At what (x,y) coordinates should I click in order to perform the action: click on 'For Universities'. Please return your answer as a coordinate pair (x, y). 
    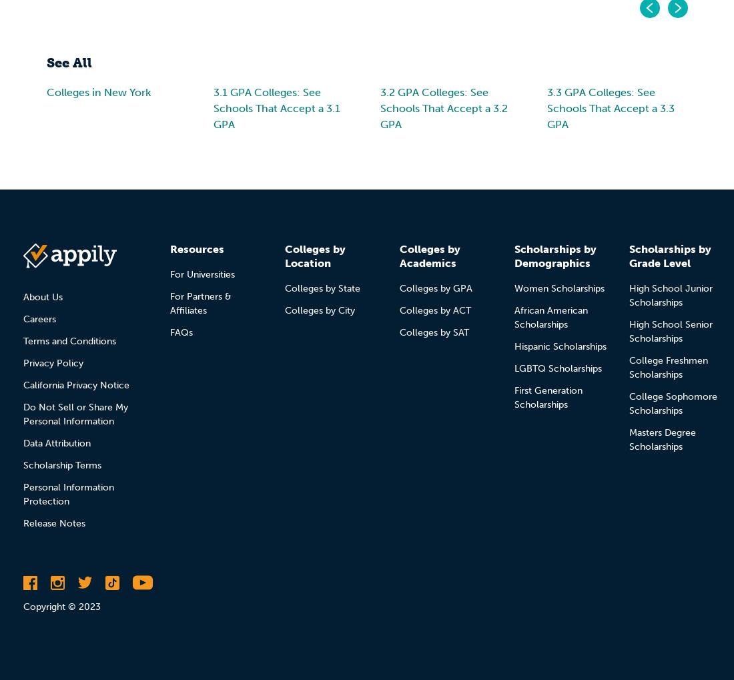
    Looking at the image, I should click on (202, 273).